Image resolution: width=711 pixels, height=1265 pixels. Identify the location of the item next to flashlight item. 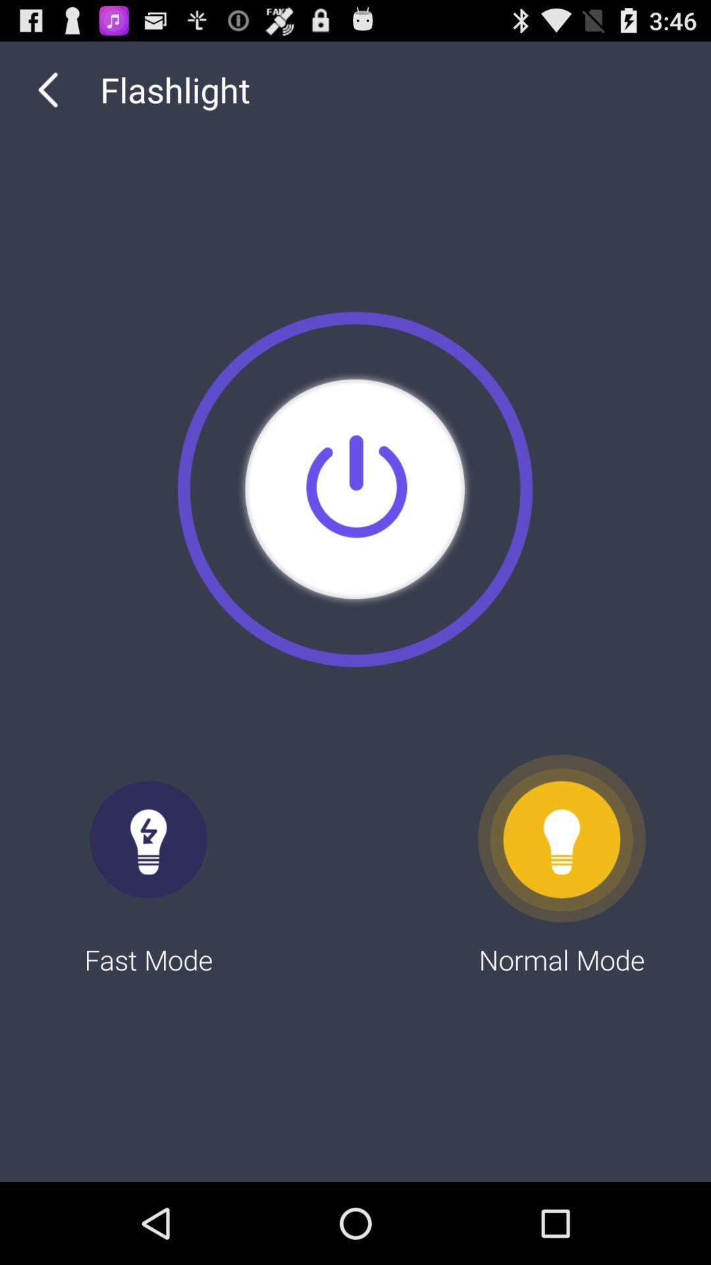
(47, 89).